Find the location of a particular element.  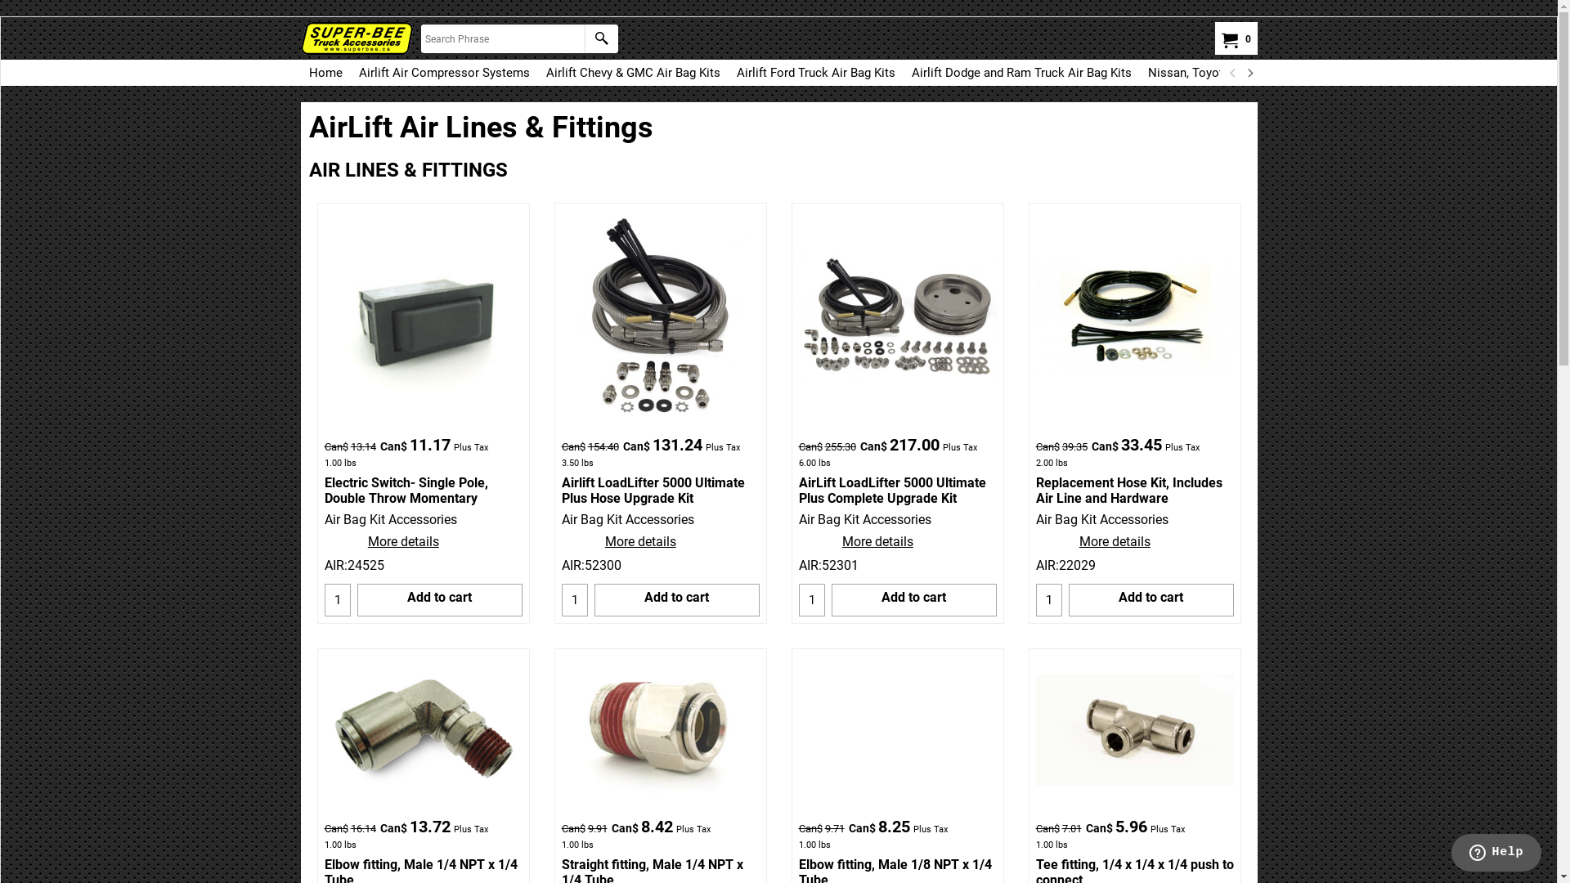

'Home' is located at coordinates (325, 71).